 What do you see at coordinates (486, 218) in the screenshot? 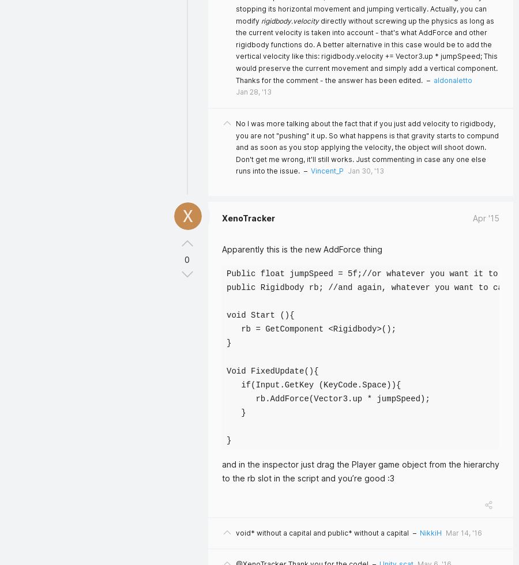
I see `'Apr '15'` at bounding box center [486, 218].